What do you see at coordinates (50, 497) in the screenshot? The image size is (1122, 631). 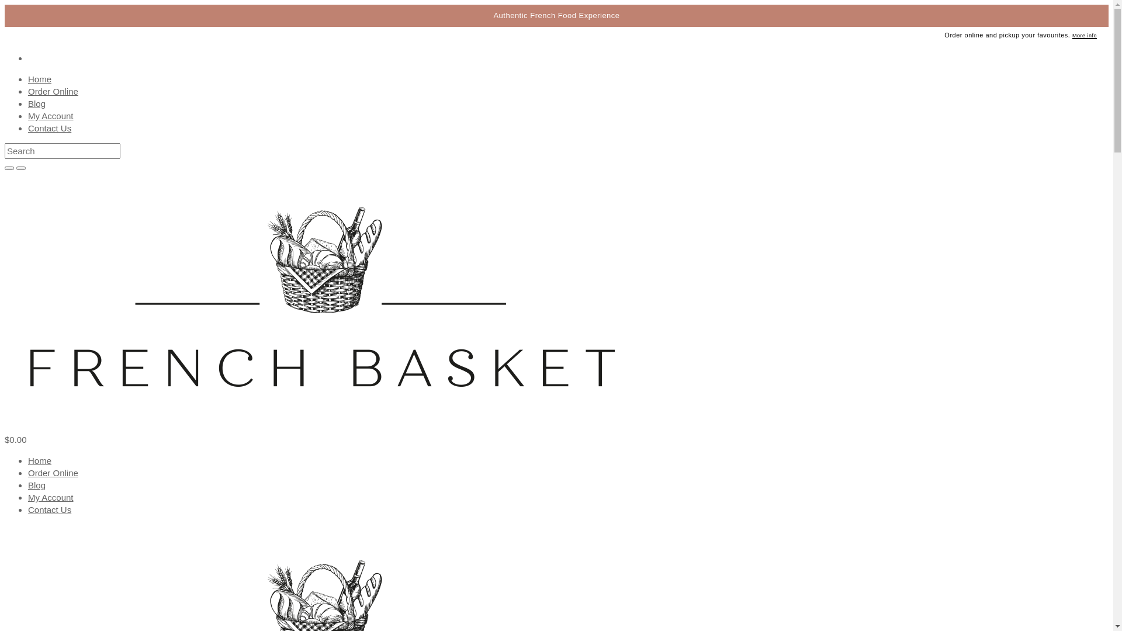 I see `'My Account'` at bounding box center [50, 497].